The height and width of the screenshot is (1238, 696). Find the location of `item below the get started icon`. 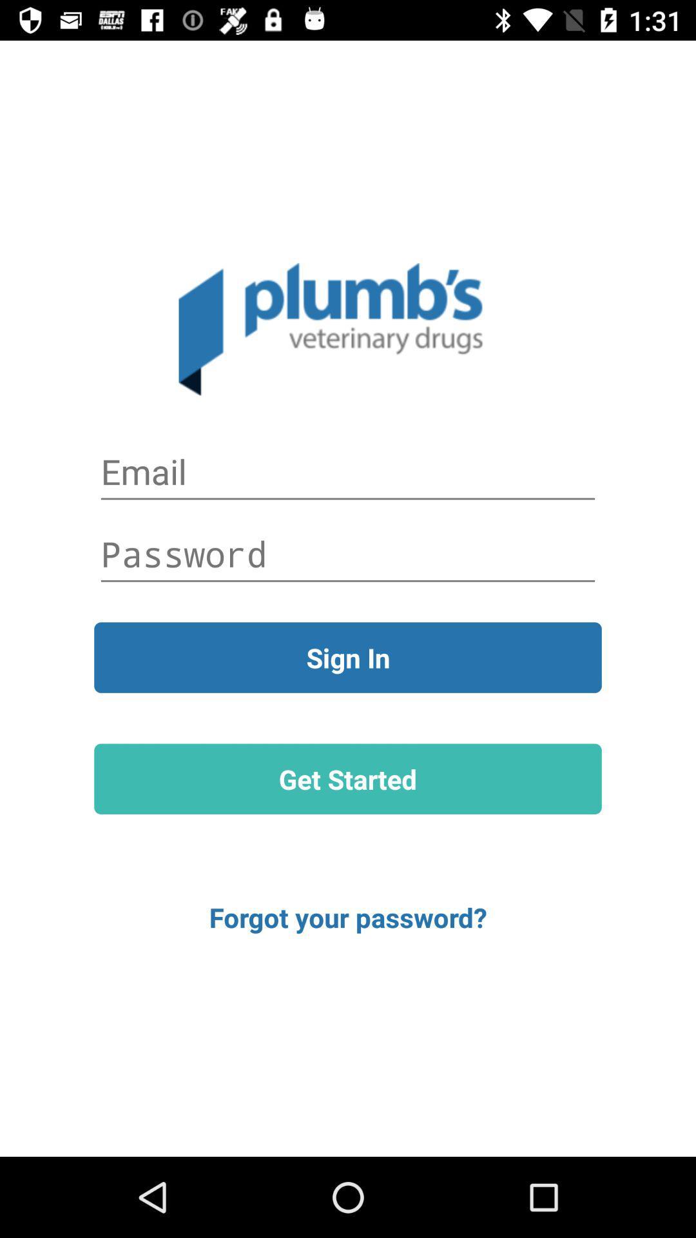

item below the get started icon is located at coordinates (348, 916).